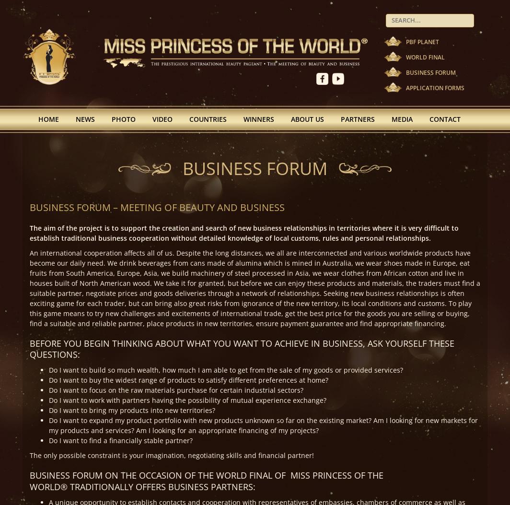  Describe the element at coordinates (132, 410) in the screenshot. I see `'Do I want to bring my products into new territories?'` at that location.